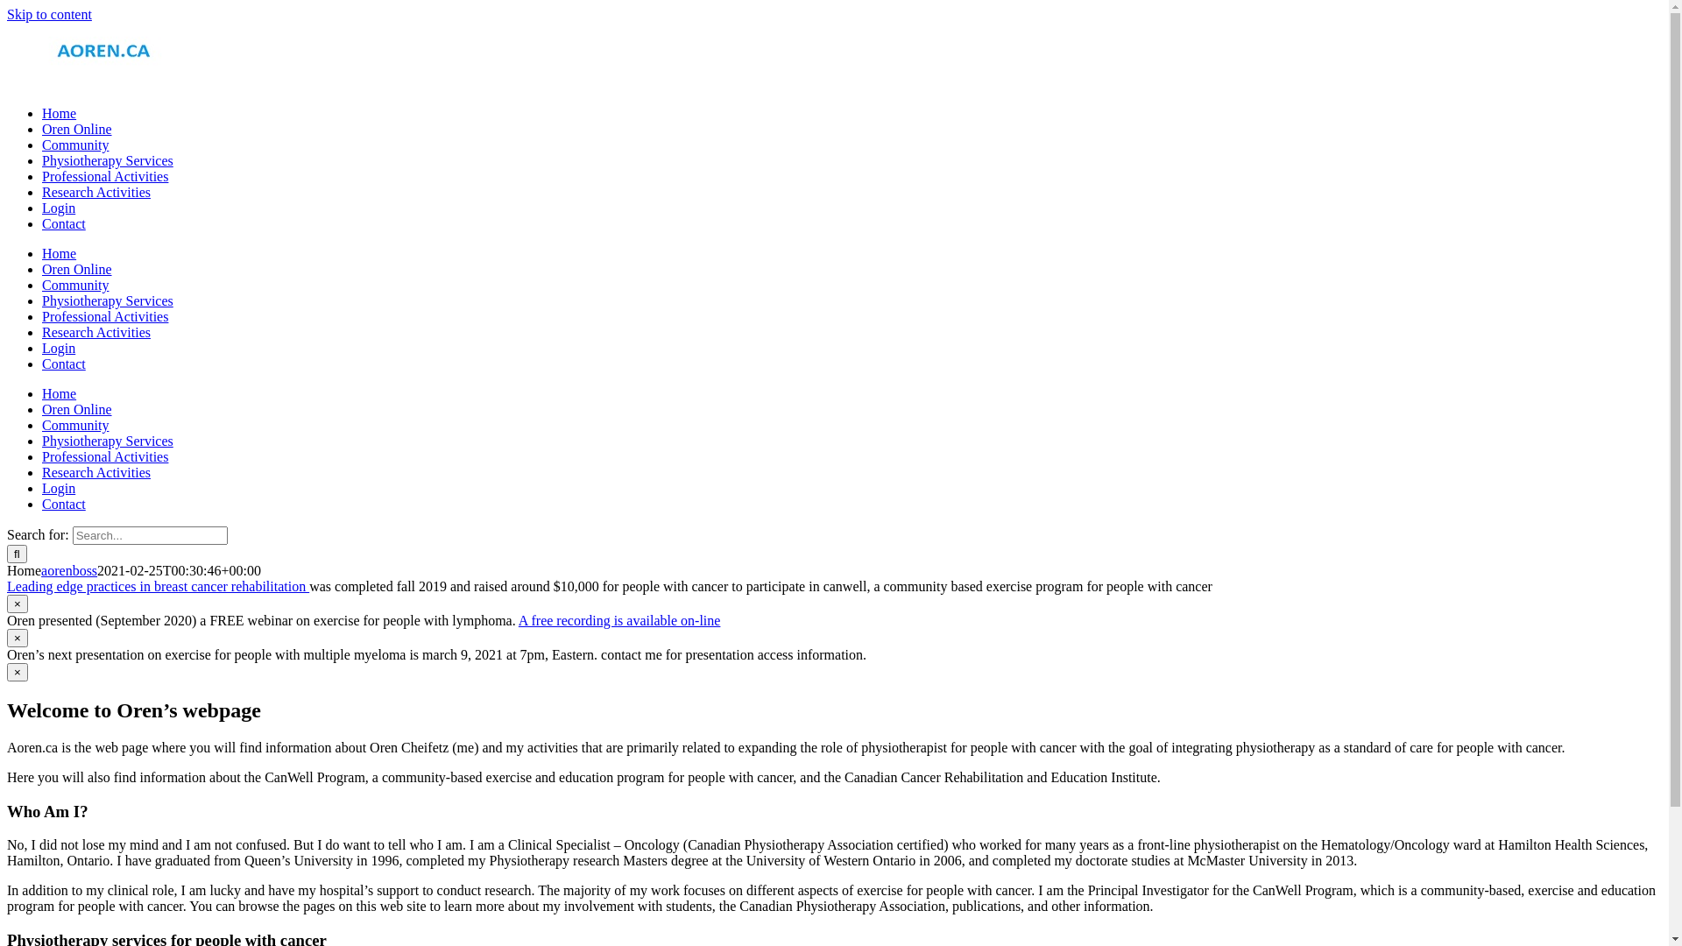  I want to click on 'aorenboss', so click(41, 570).